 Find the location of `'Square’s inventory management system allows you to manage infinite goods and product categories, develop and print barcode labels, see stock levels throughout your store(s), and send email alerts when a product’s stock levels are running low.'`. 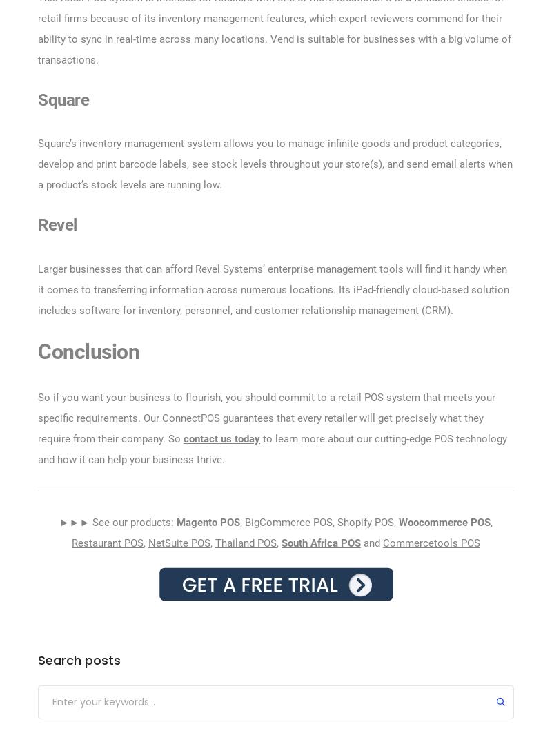

'Square’s inventory management system allows you to manage infinite goods and product categories, develop and print barcode labels, see stock levels throughout your store(s), and send email alerts when a product’s stock levels are running low.' is located at coordinates (274, 164).